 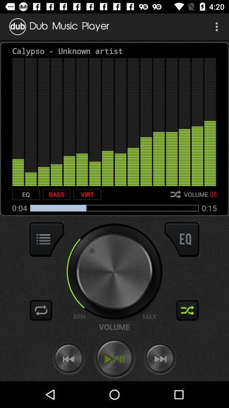 What do you see at coordinates (114, 358) in the screenshot?
I see `switch to play` at bounding box center [114, 358].